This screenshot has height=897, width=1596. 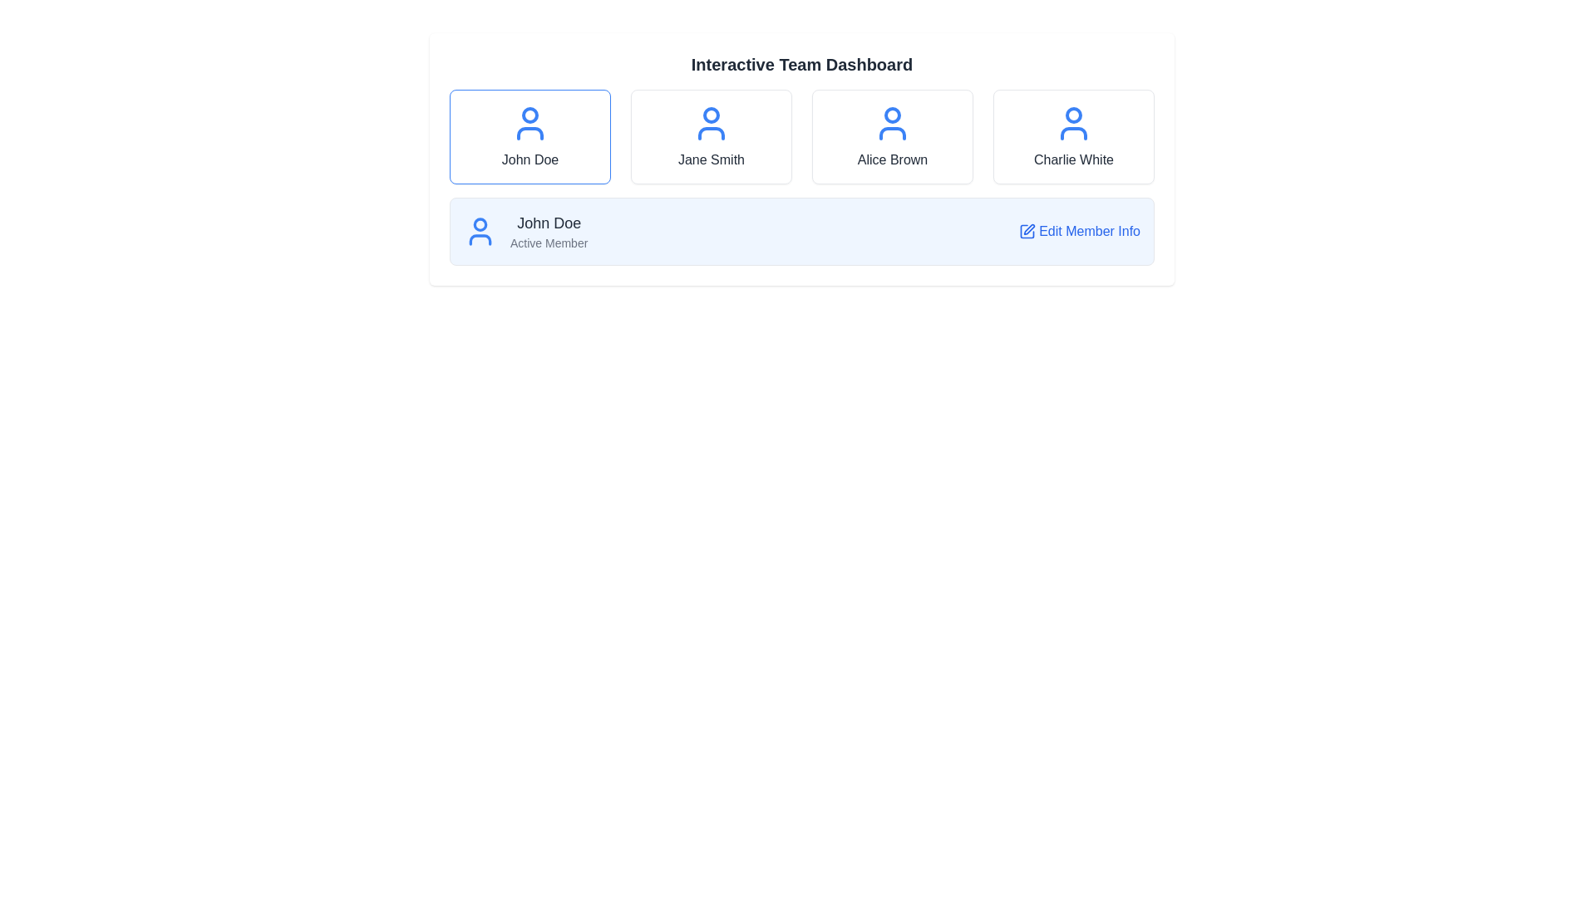 I want to click on the blue 'Edit Member Info' hyperlink with a pen icon located in the highlighted card section for user 'John Doe', so click(x=1080, y=231).